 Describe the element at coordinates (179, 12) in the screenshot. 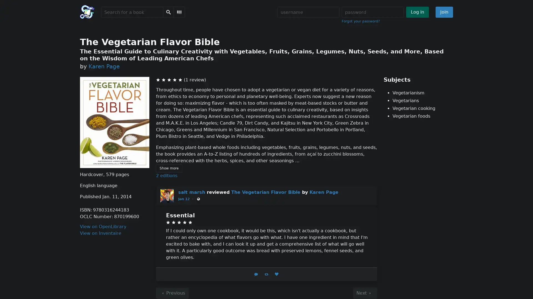

I see `Scan Barcode` at that location.